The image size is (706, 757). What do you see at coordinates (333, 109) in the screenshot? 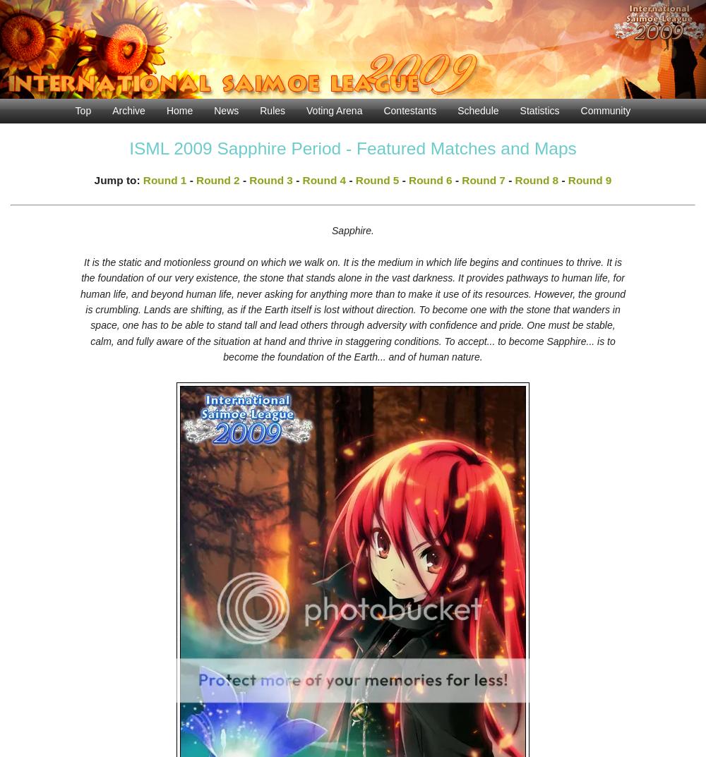
I see `'Voting Arena'` at bounding box center [333, 109].